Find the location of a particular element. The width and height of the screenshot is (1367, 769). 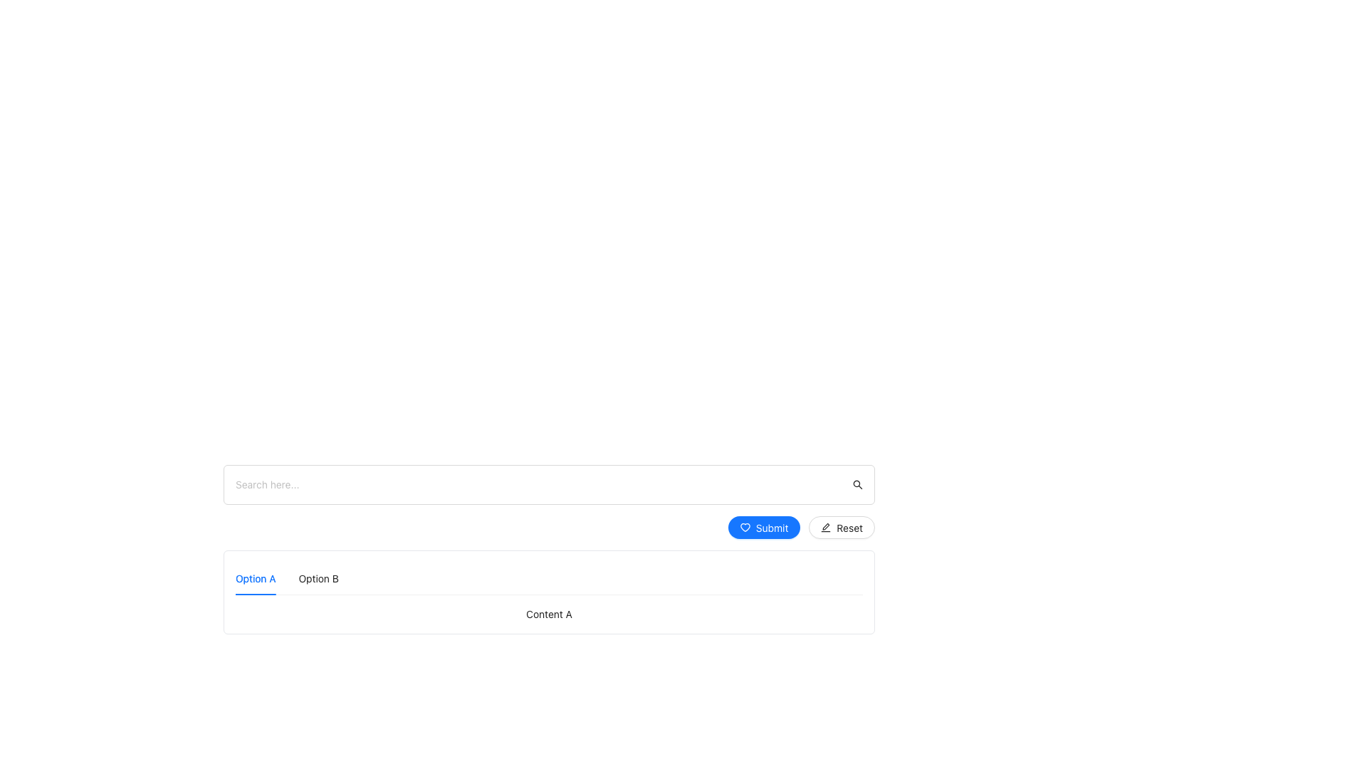

the 'Option A' tab on the tab navigation bar located at the bottom-left of the interface is located at coordinates (286, 579).